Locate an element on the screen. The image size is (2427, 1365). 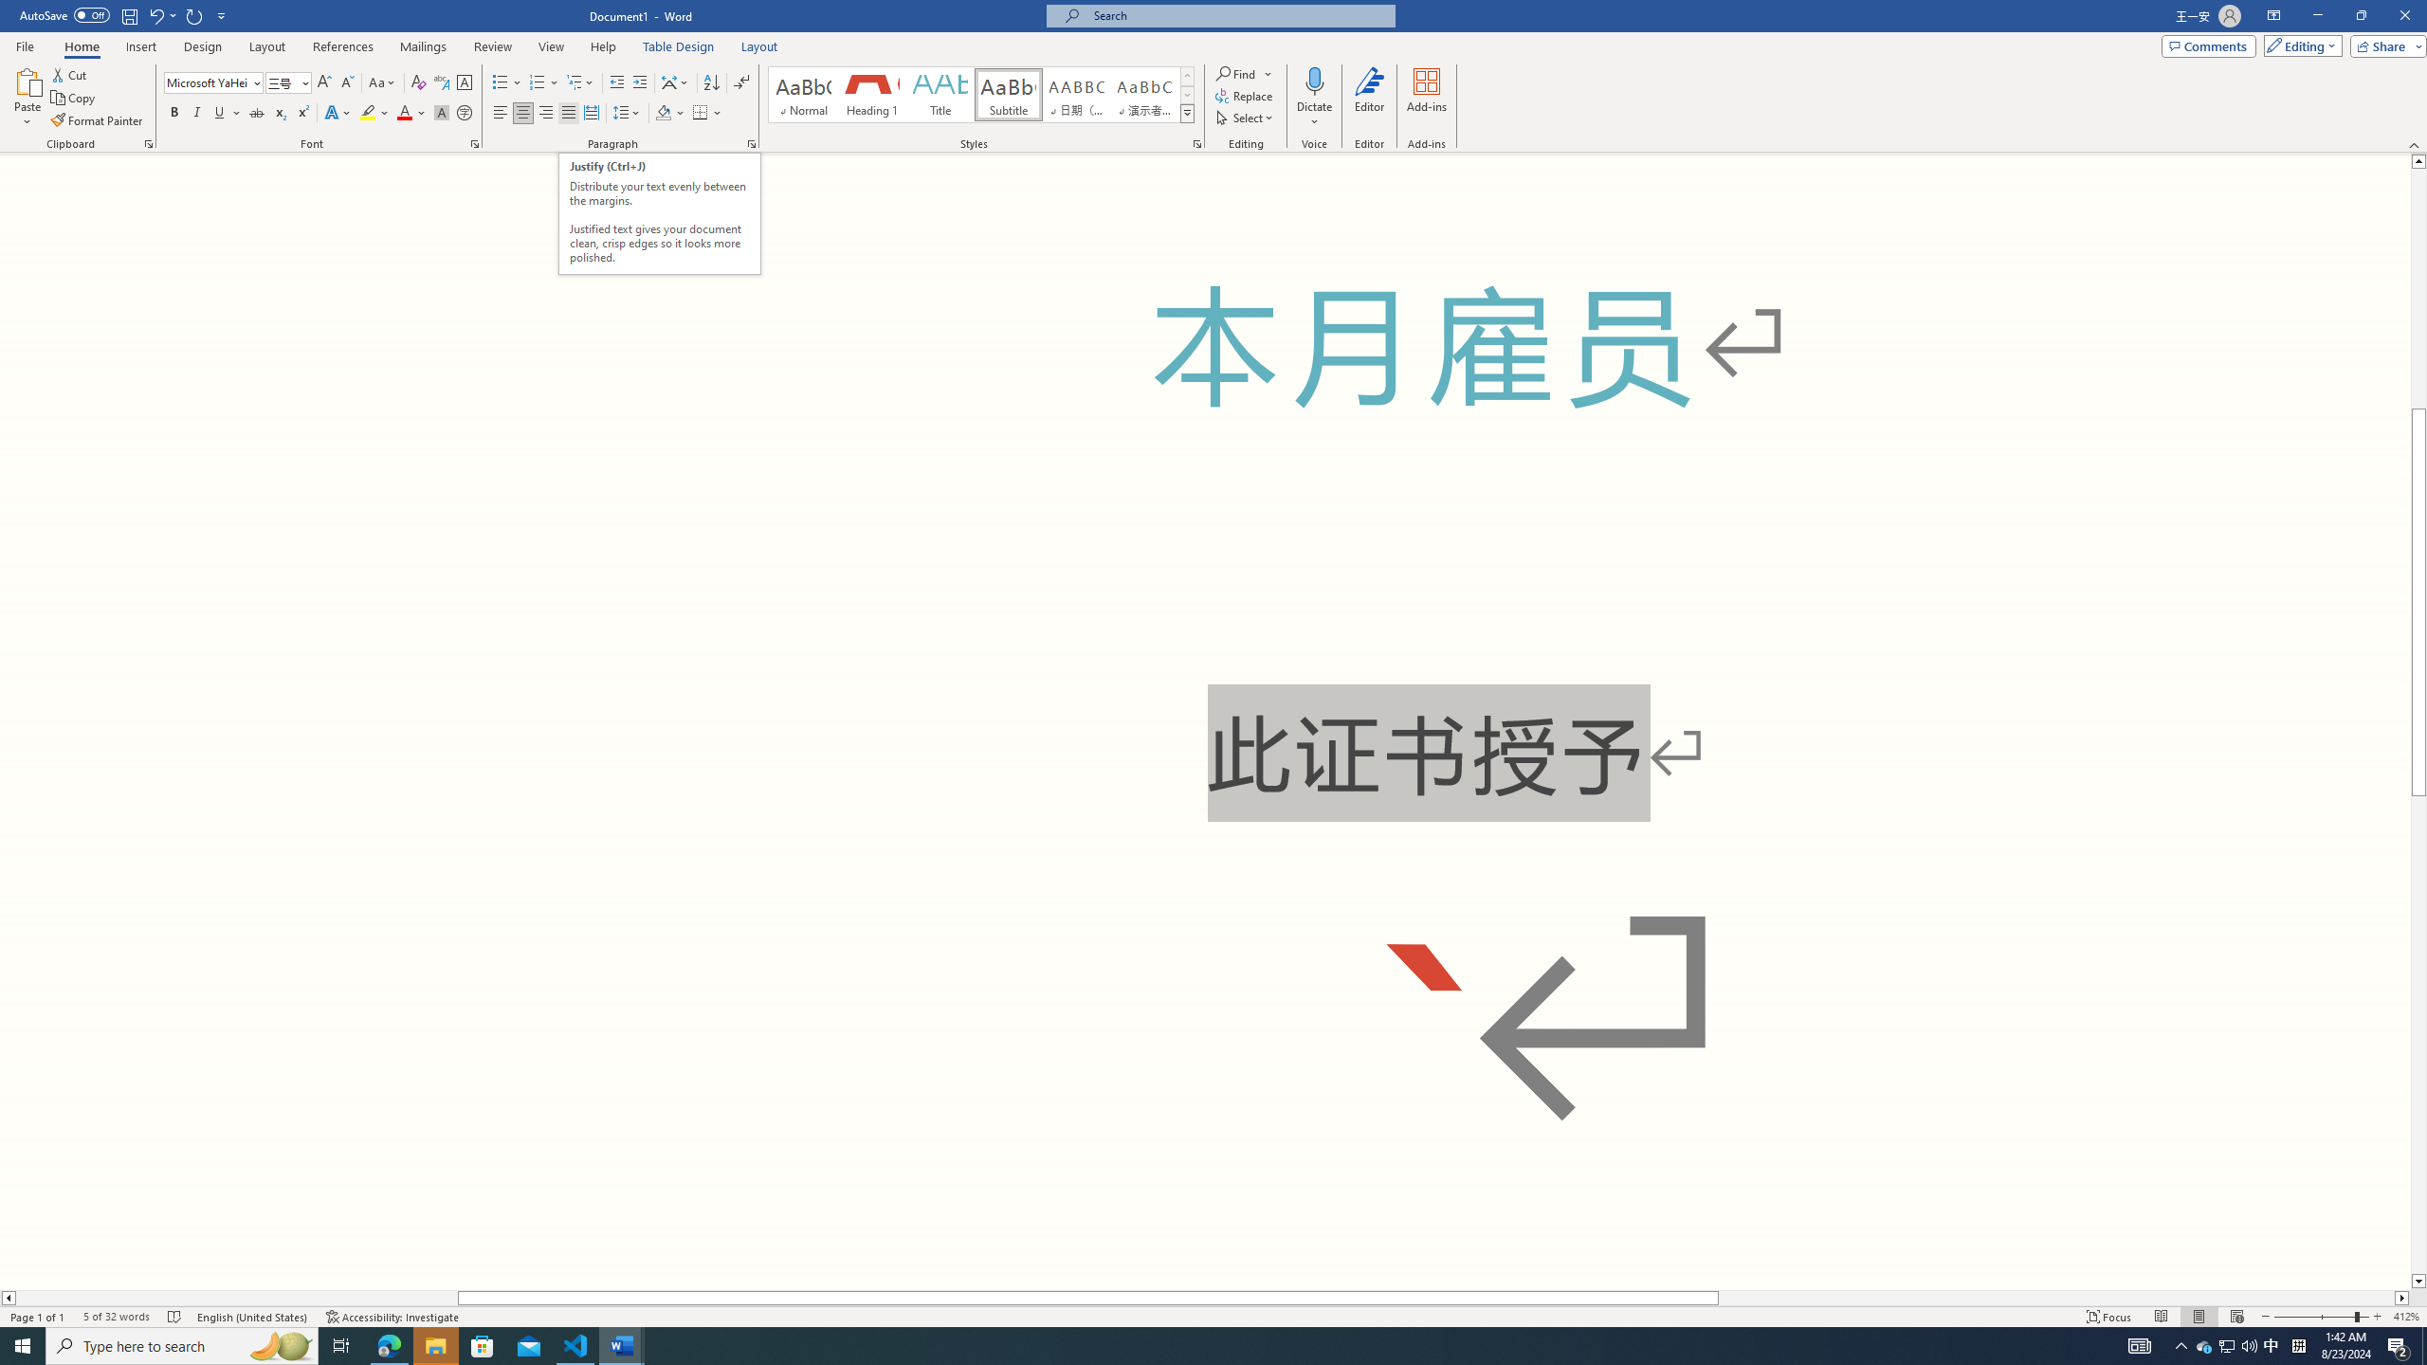
'Row up' is located at coordinates (1186, 76).